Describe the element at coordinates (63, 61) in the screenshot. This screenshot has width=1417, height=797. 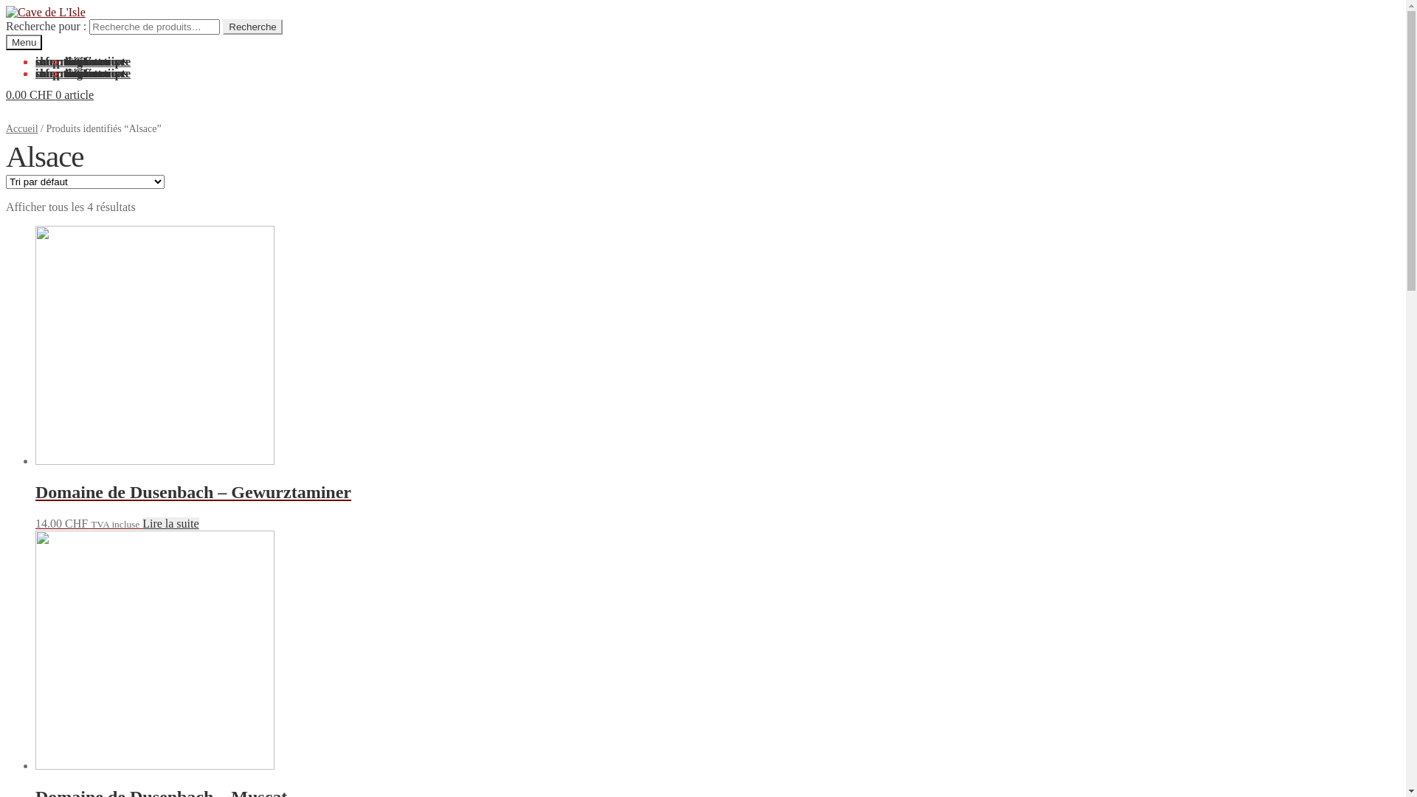
I see `'horaires'` at that location.